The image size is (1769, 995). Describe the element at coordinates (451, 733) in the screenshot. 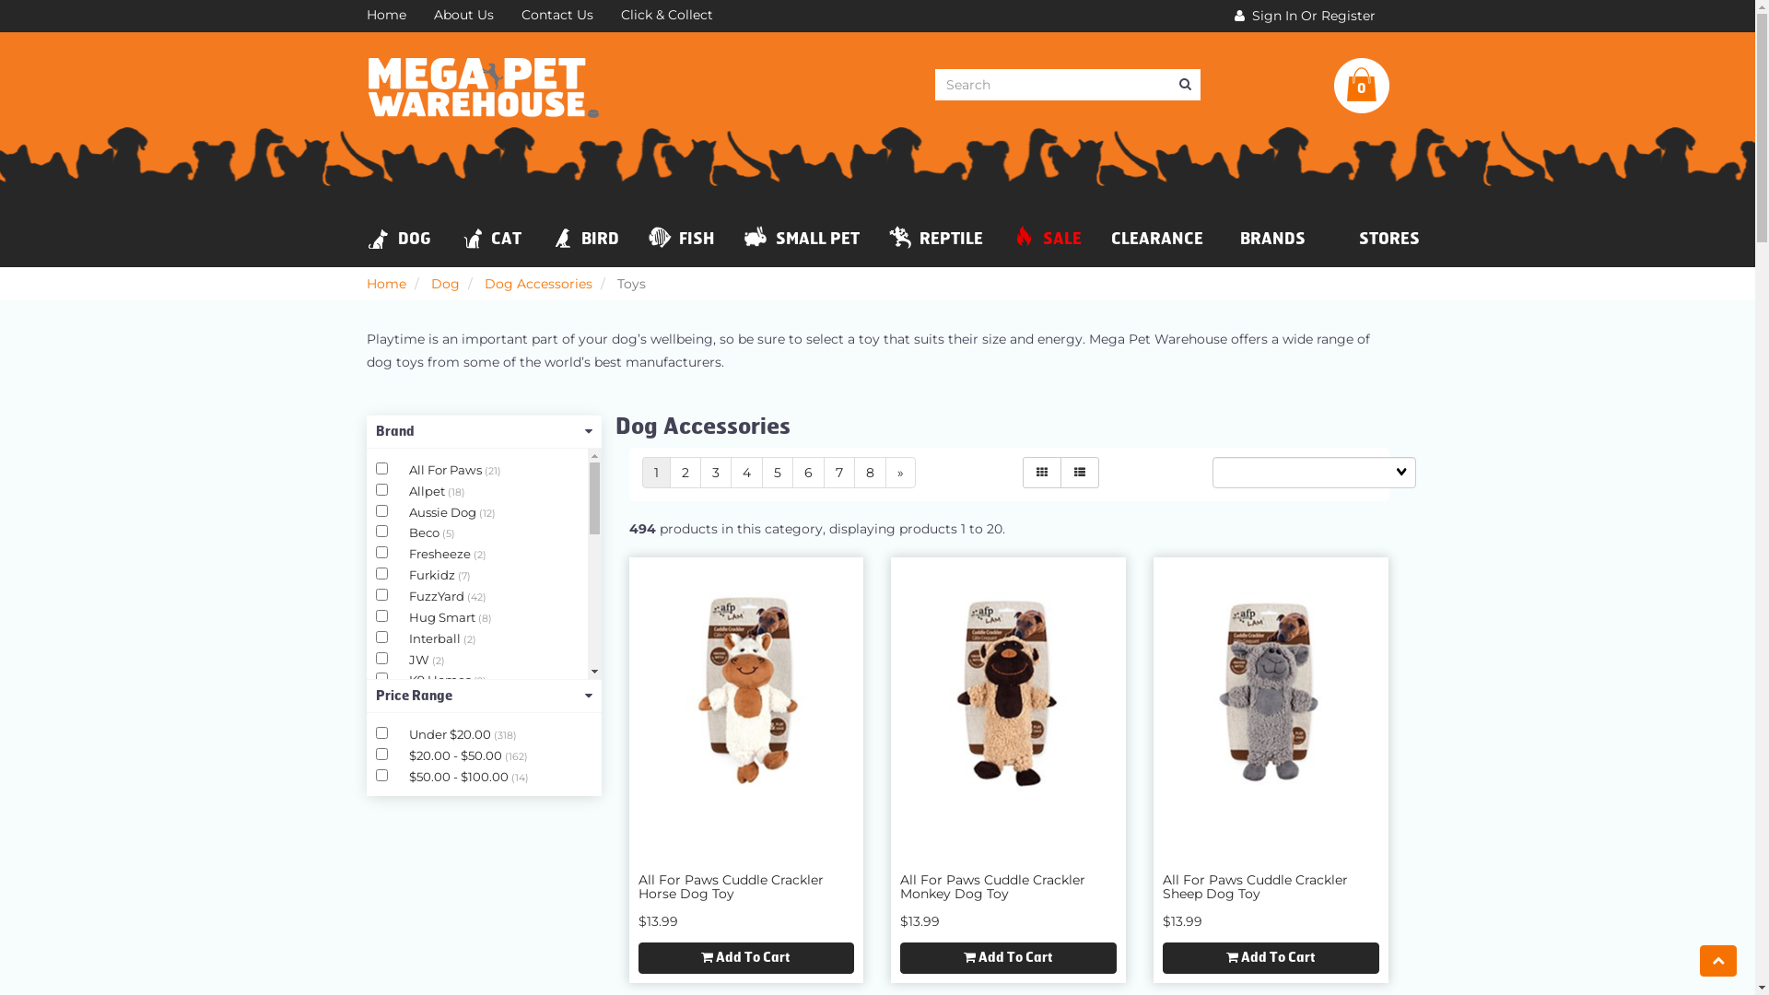

I see `'Under $20.00'` at that location.